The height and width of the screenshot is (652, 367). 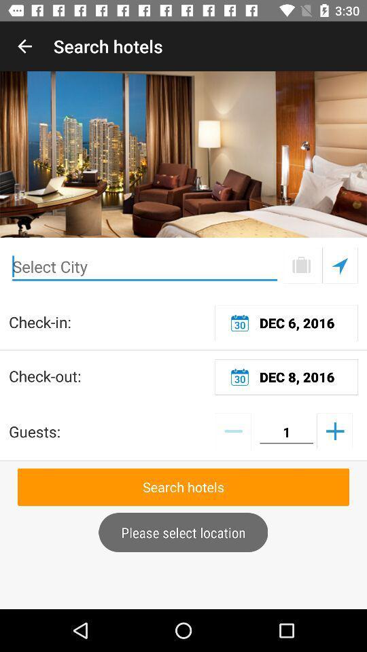 I want to click on look up city, so click(x=301, y=265).